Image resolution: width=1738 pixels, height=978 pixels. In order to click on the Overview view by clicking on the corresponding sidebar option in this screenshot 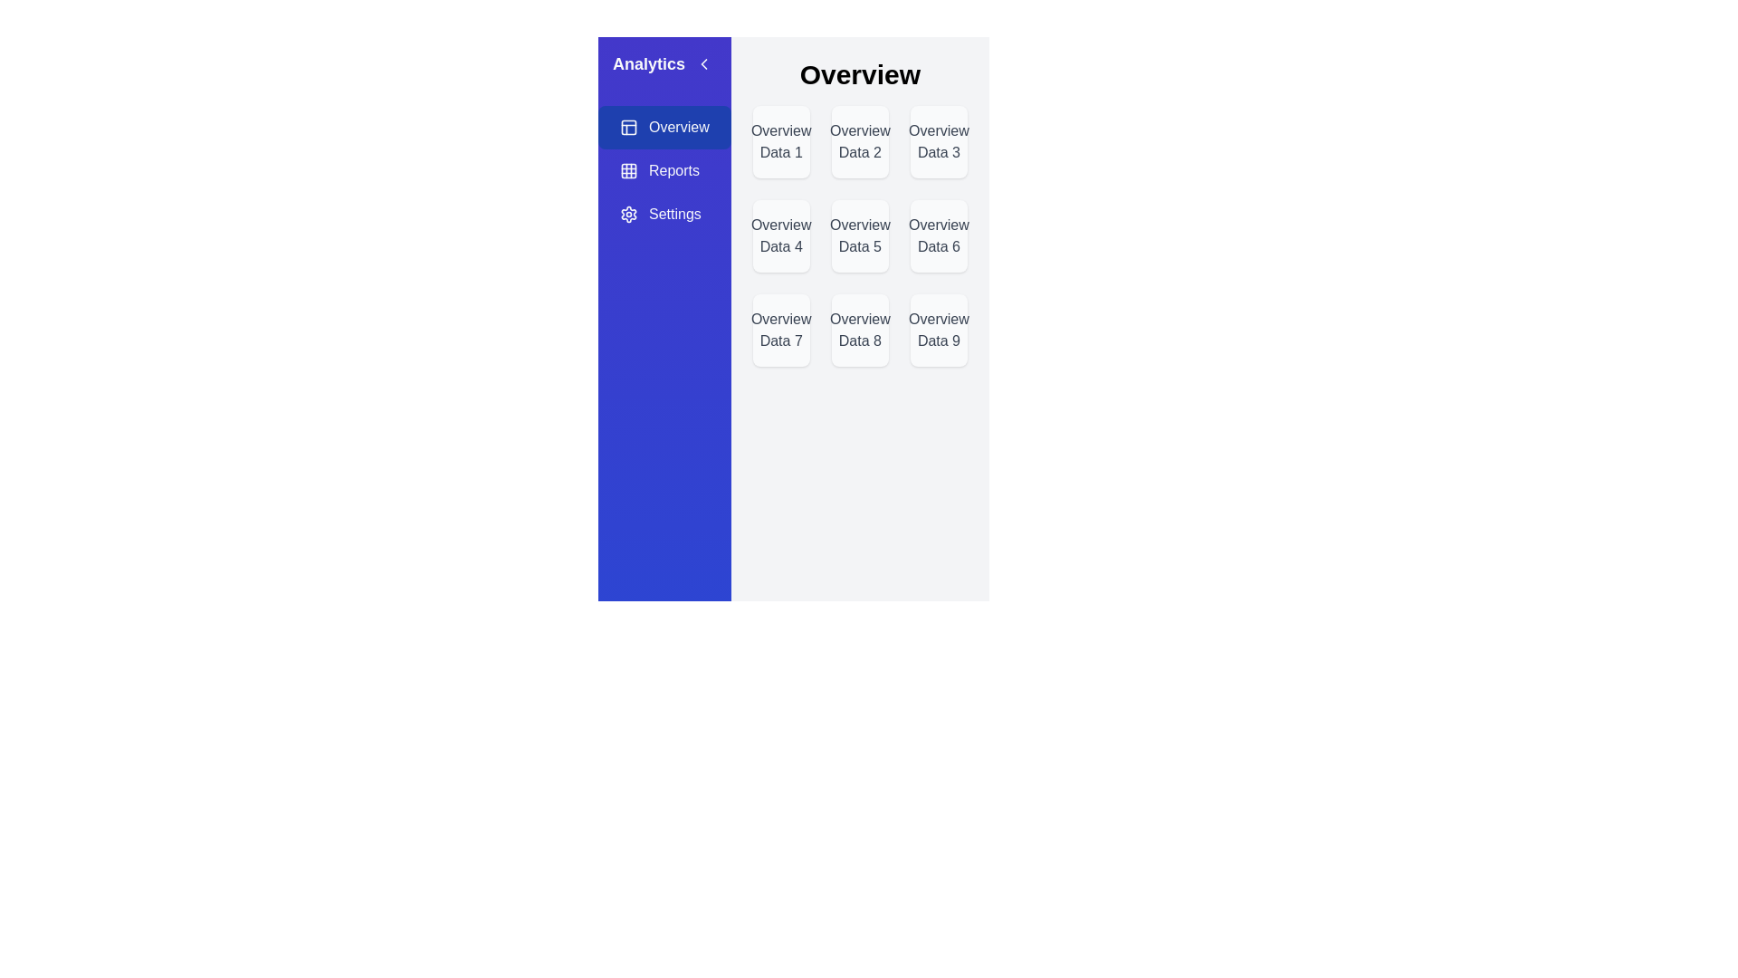, I will do `click(664, 127)`.